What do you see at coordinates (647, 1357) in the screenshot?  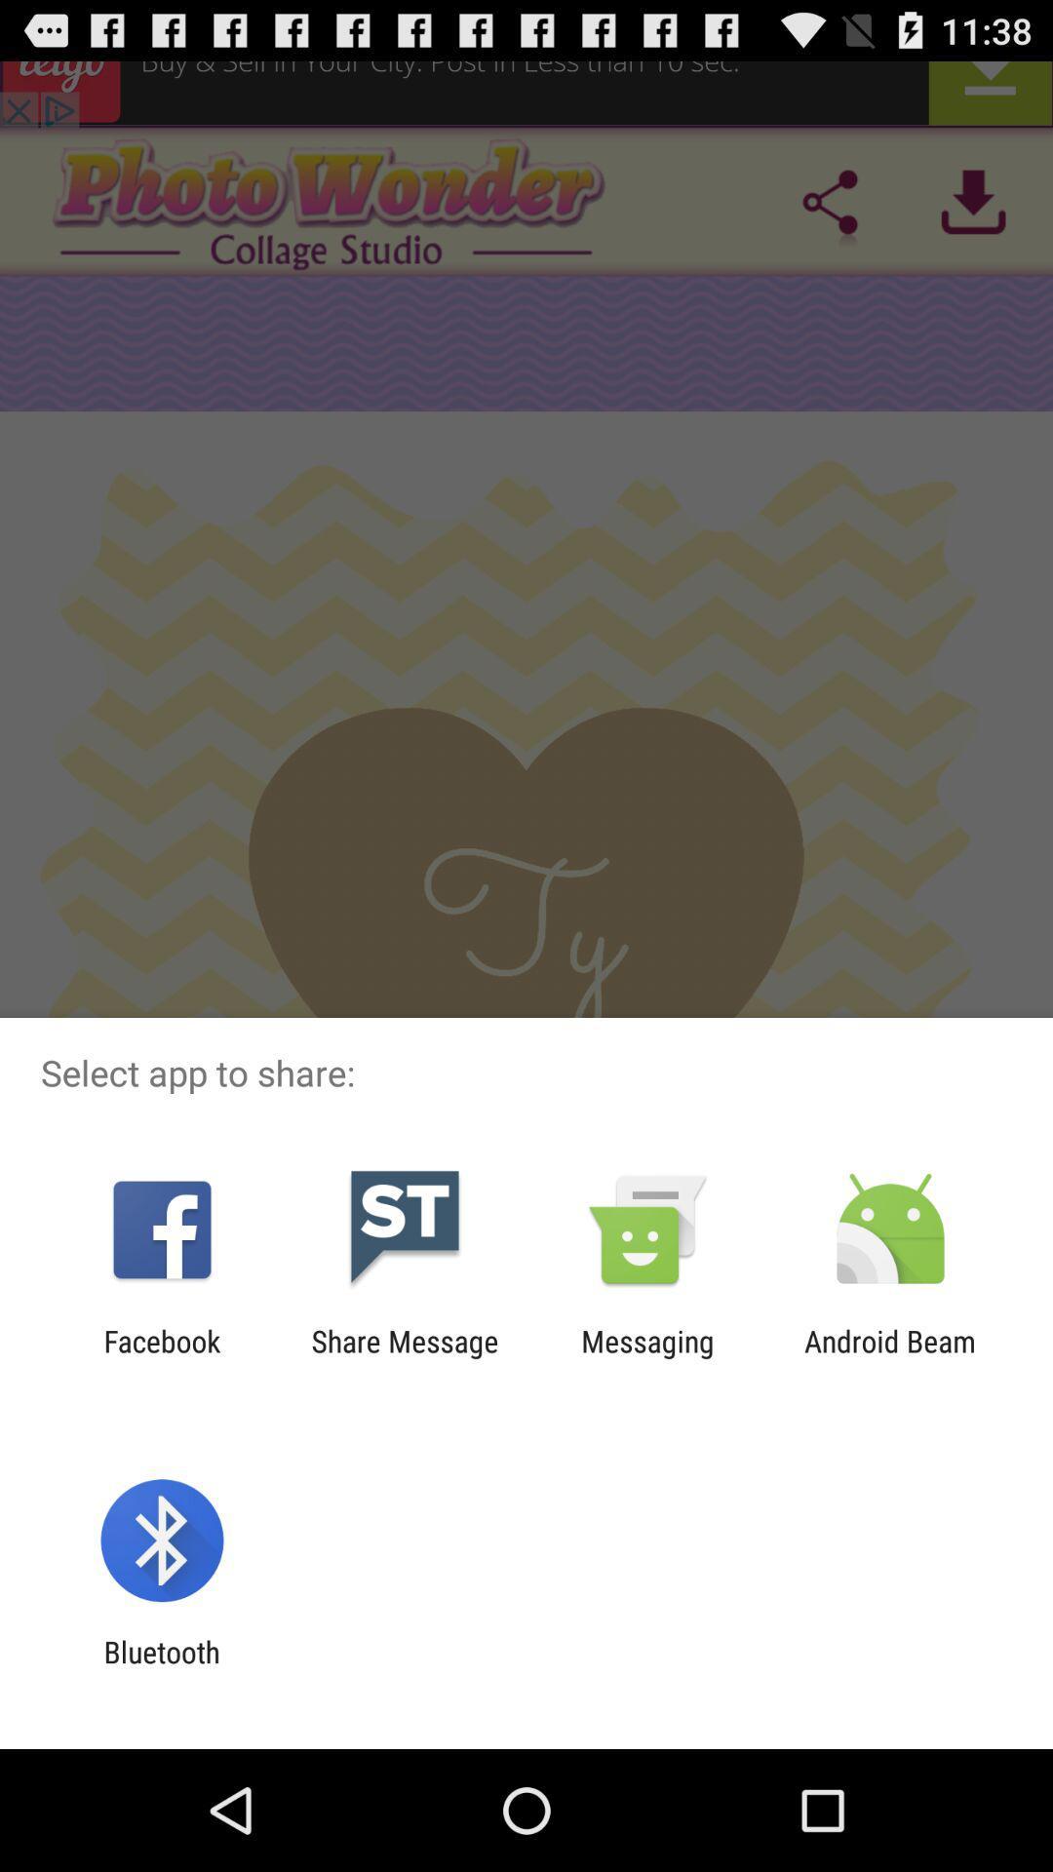 I see `icon next to the android beam app` at bounding box center [647, 1357].